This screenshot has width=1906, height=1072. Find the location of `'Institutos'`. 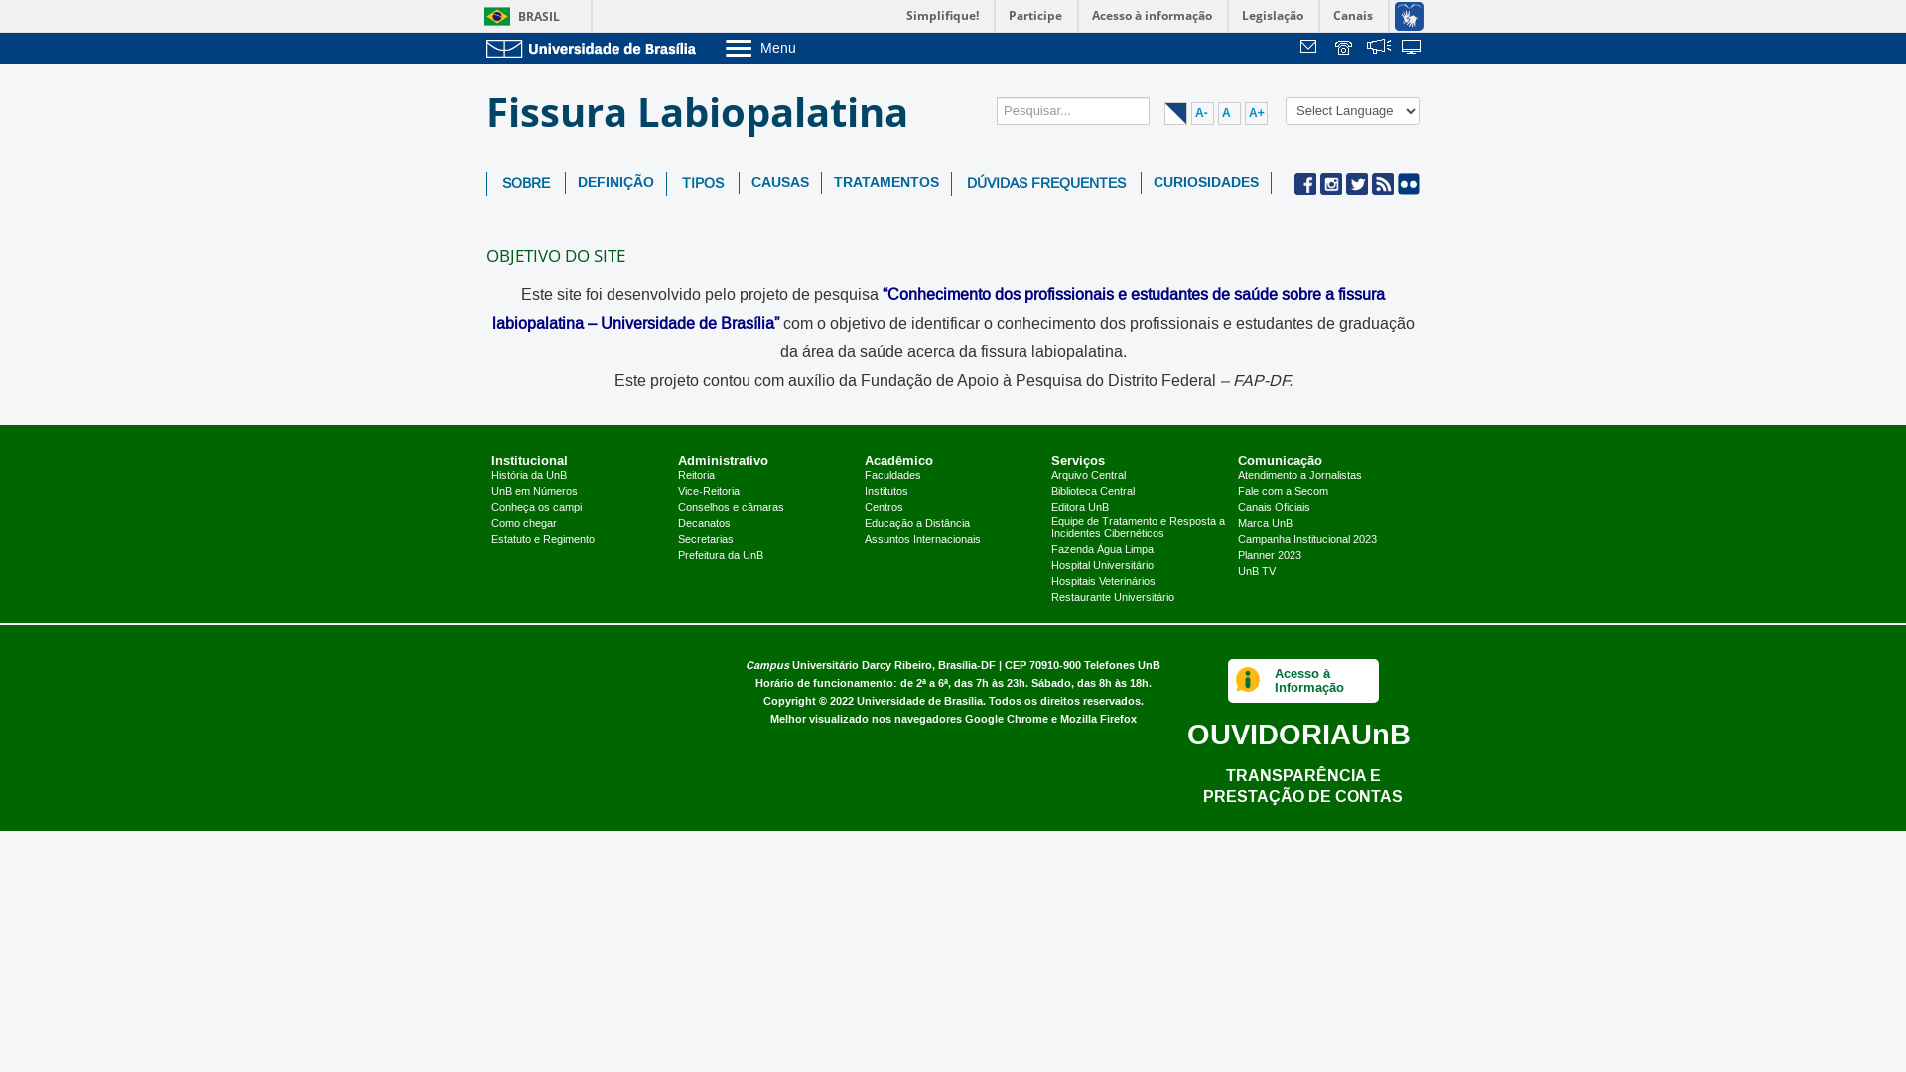

'Institutos' is located at coordinates (864, 491).